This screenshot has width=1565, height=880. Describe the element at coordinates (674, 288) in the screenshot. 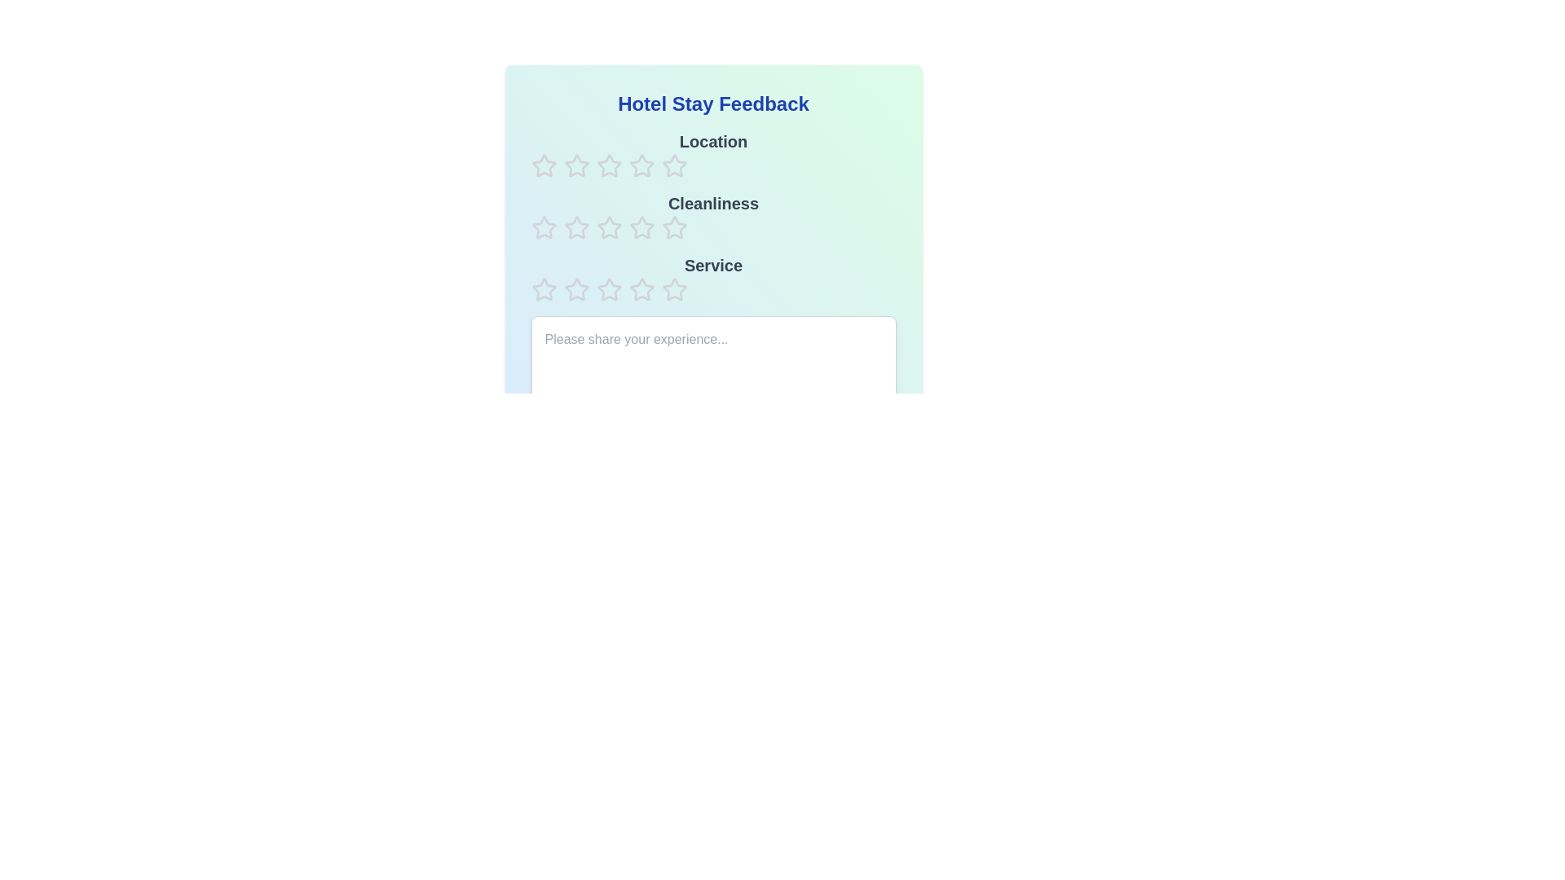

I see `the fifth star icon in the 'Service' rating row` at that location.